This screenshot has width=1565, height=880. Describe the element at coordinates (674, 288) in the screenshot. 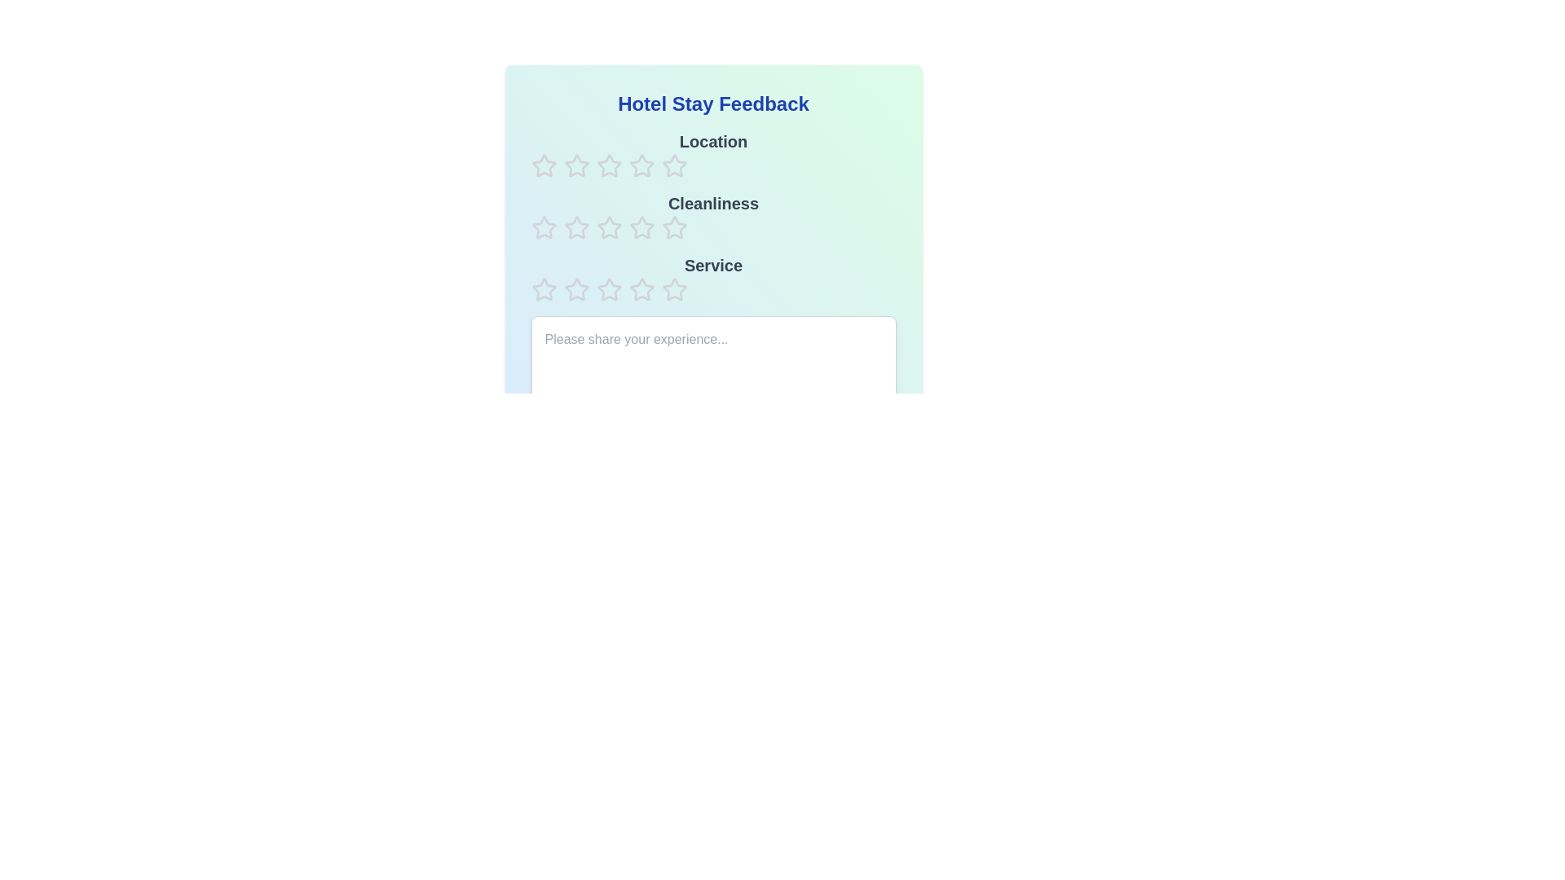

I see `the fifth star icon in the 'Service' rating row` at that location.